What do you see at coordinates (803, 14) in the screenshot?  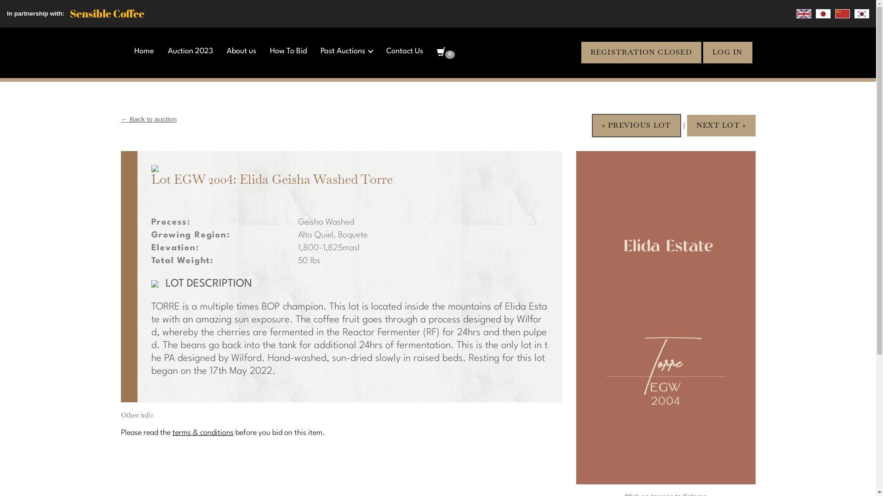 I see `'en'` at bounding box center [803, 14].